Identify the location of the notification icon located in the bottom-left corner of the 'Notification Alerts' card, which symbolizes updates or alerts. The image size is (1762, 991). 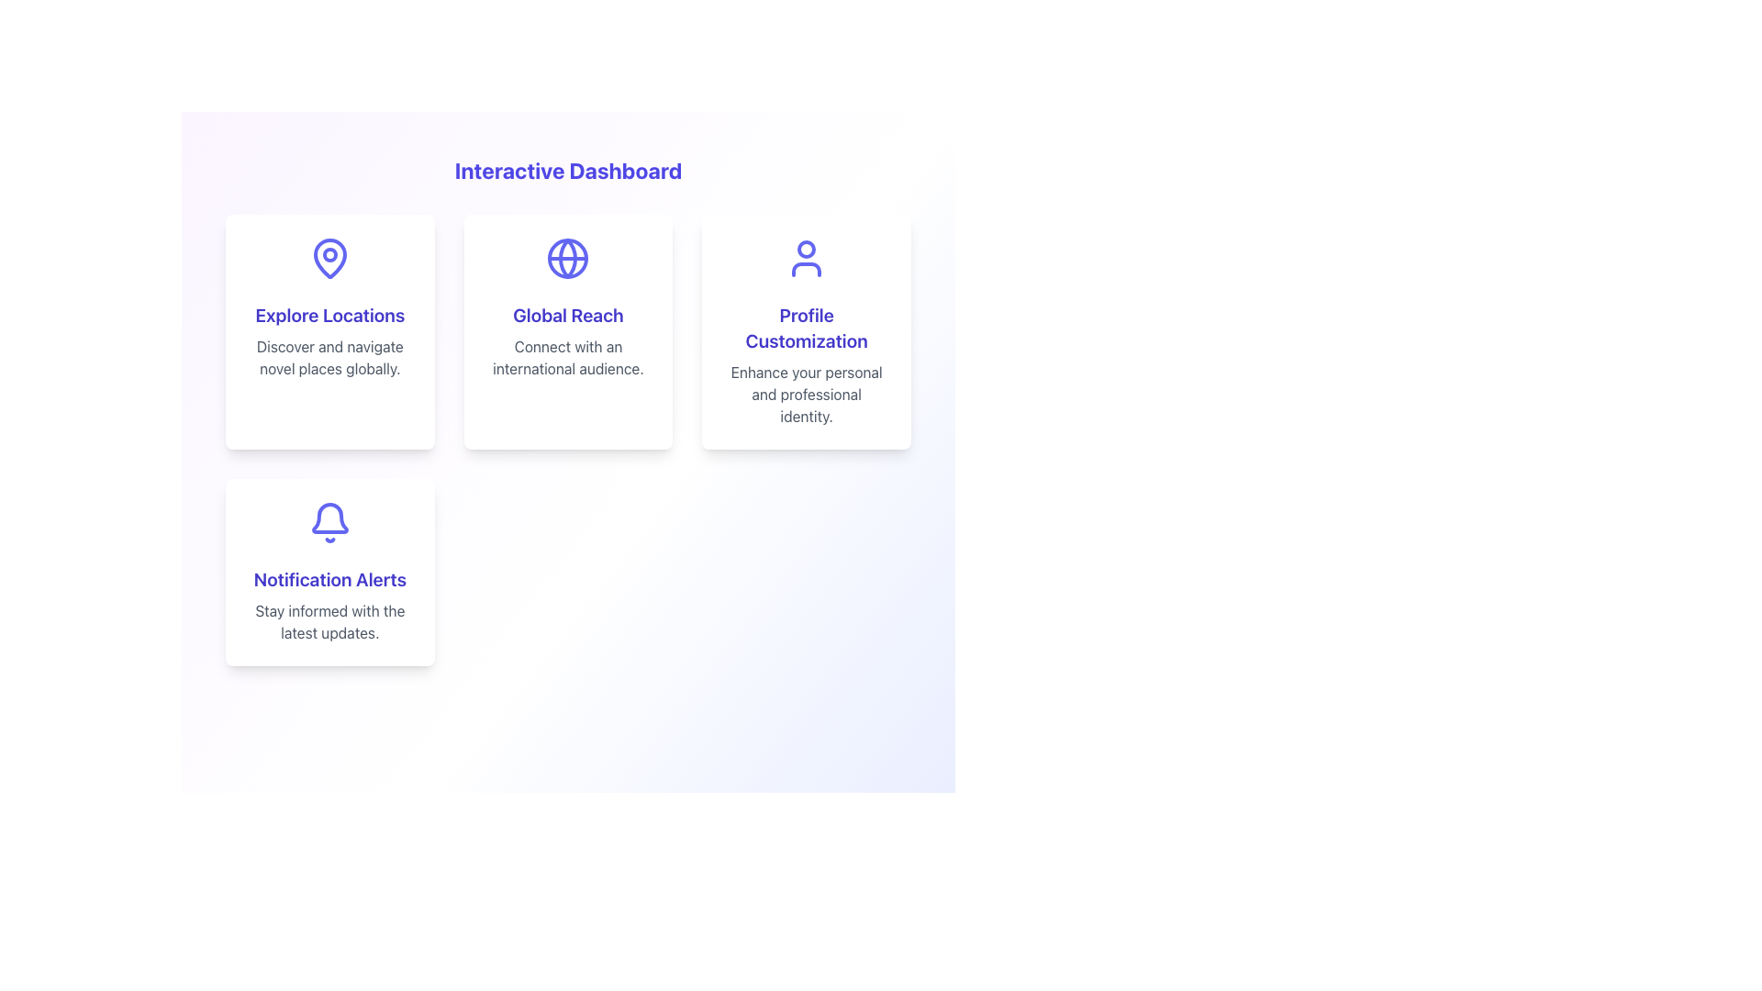
(329, 518).